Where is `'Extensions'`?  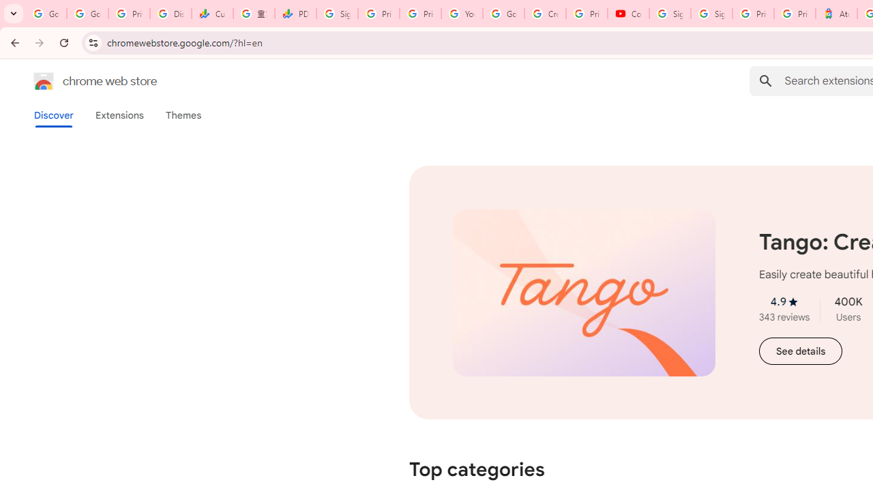
'Extensions' is located at coordinates (119, 115).